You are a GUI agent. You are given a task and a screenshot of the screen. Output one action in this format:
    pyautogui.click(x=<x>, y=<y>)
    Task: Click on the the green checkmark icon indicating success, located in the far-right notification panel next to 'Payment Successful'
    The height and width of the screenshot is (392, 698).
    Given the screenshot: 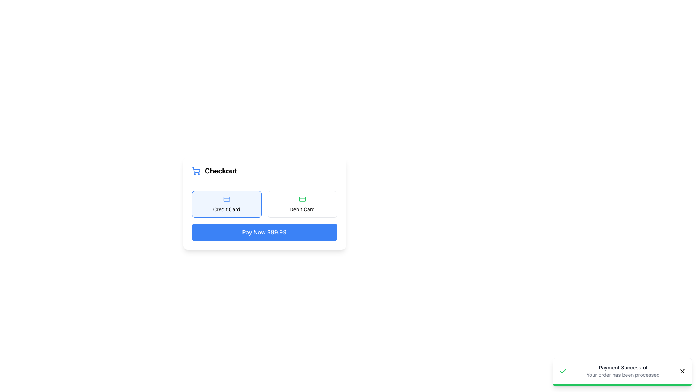 What is the action you would take?
    pyautogui.click(x=563, y=371)
    